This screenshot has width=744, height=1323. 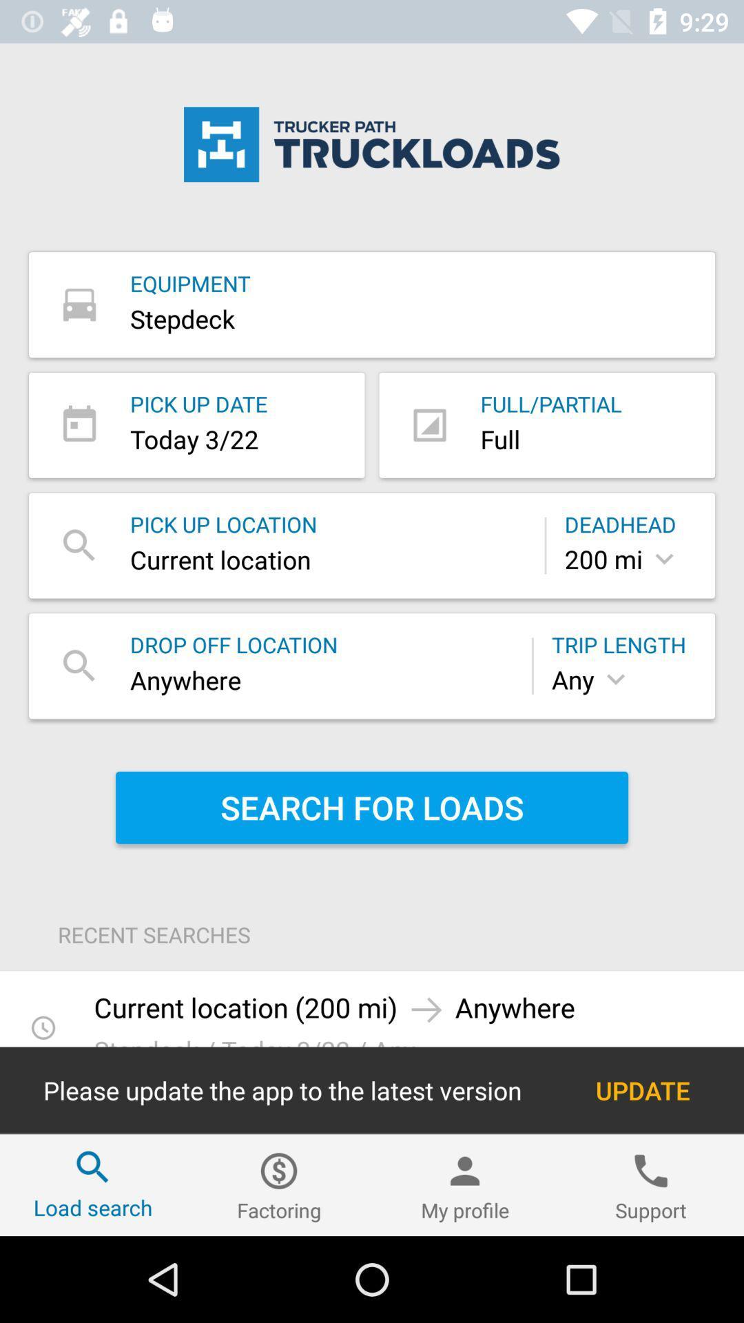 I want to click on my profile item, so click(x=465, y=1184).